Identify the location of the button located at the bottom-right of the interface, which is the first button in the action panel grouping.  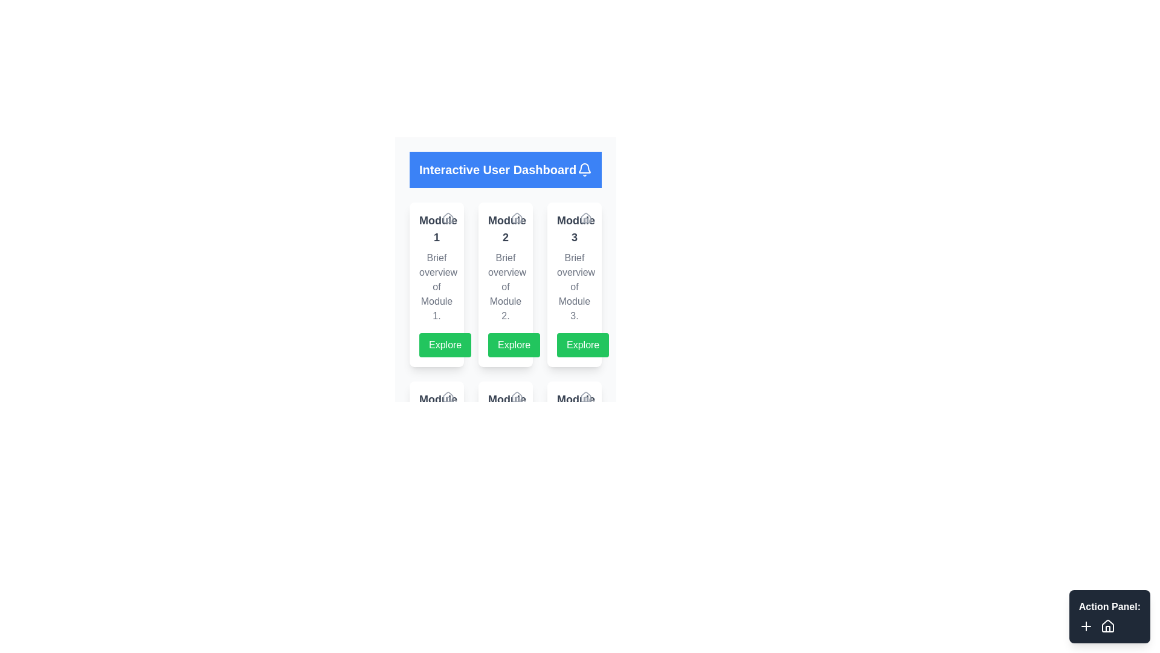
(1086, 626).